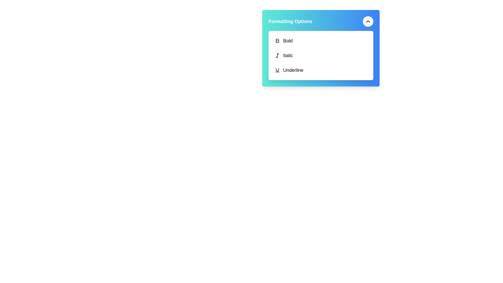 This screenshot has height=283, width=503. Describe the element at coordinates (293, 70) in the screenshot. I see `the 'Underline' text label located in the formatting toolbar` at that location.